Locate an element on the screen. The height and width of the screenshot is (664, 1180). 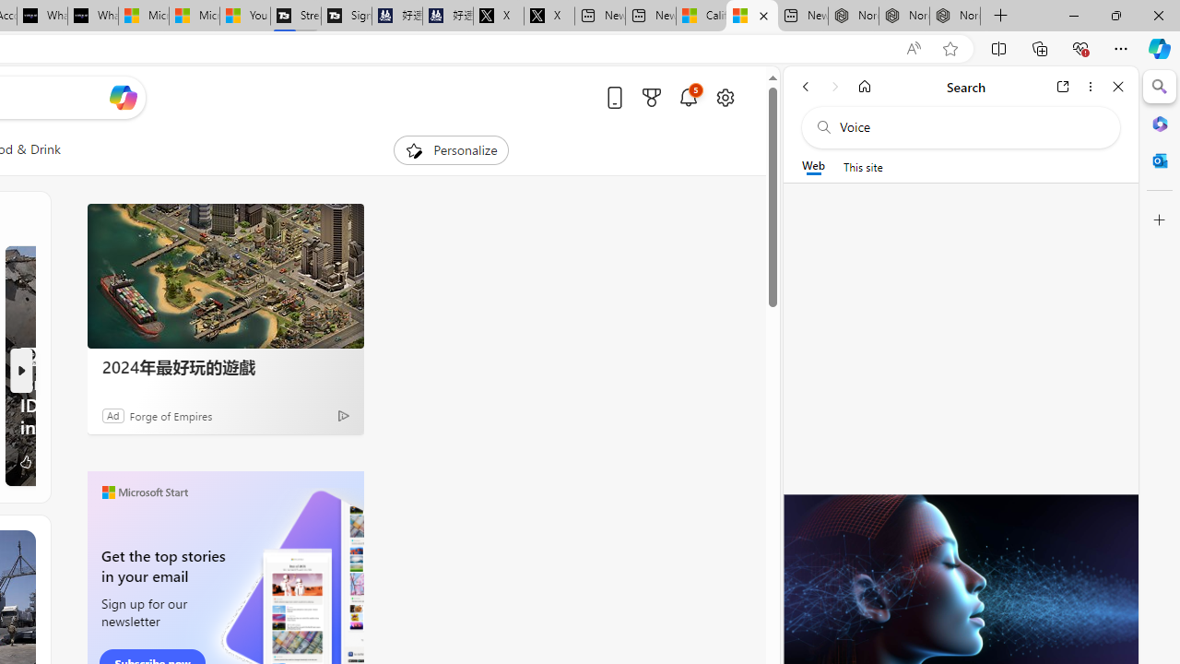
'Microsoft 365' is located at coordinates (1159, 123).